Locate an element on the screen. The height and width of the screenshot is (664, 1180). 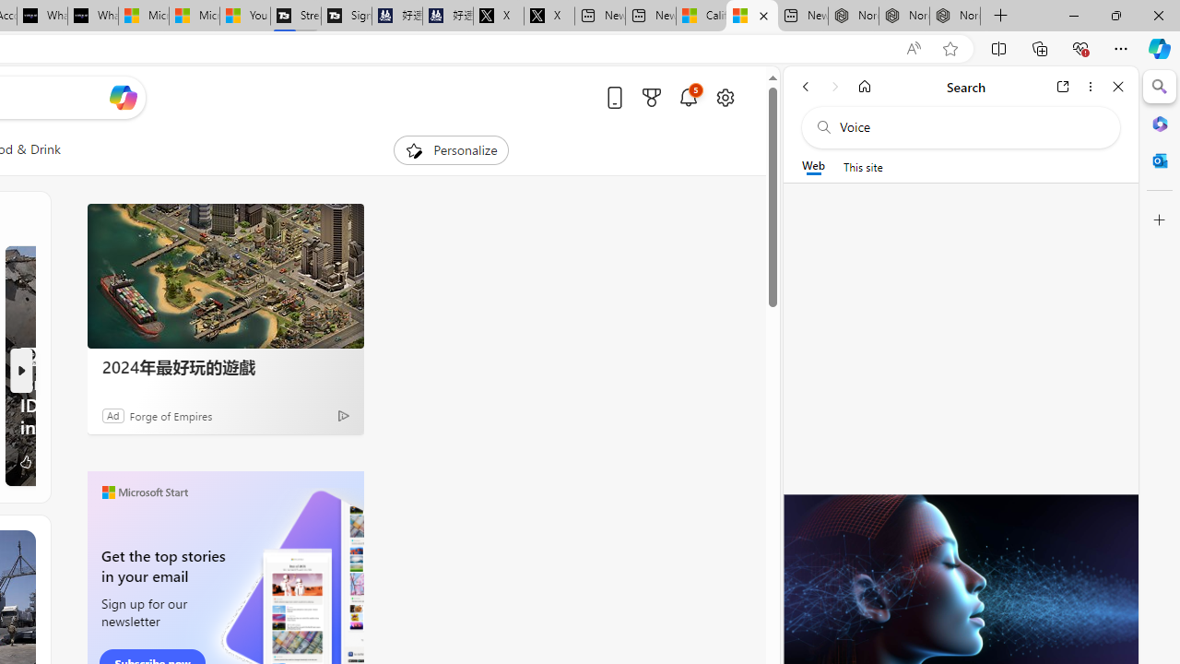
'Microsoft 365' is located at coordinates (1159, 123).